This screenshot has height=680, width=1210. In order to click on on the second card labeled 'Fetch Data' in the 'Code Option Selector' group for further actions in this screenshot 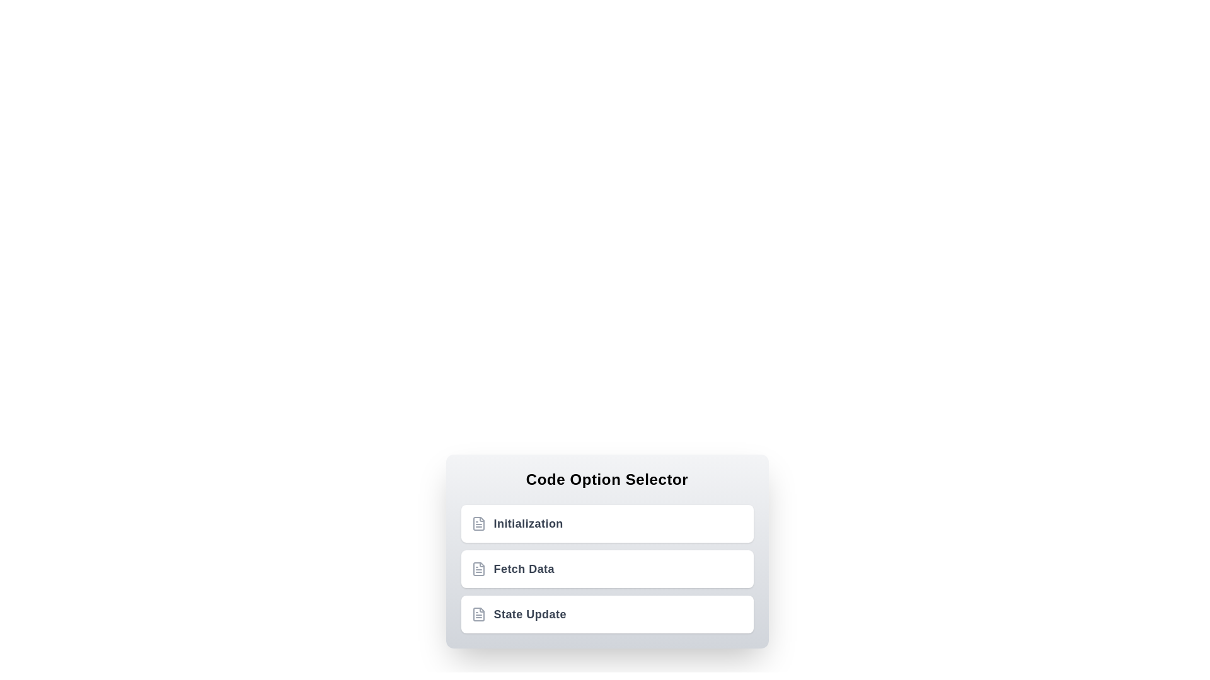, I will do `click(607, 569)`.